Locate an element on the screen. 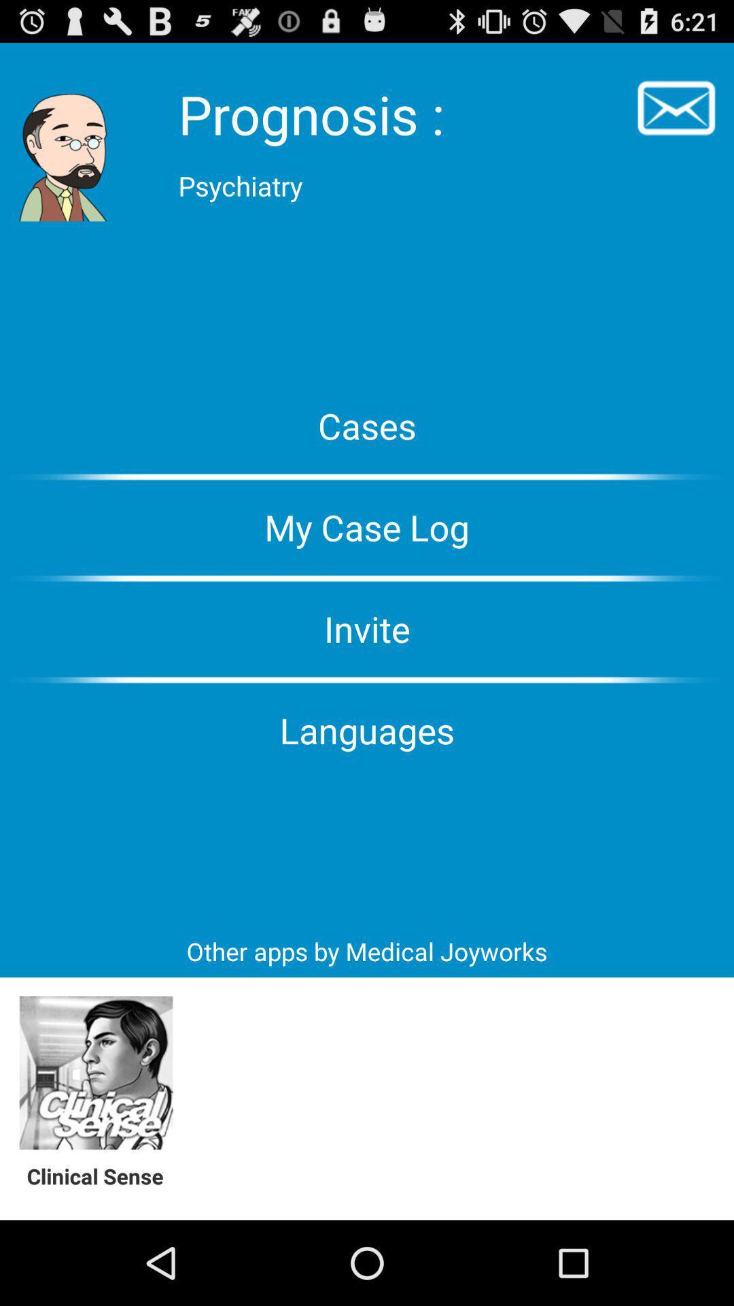 Image resolution: width=734 pixels, height=1306 pixels. item above other apps by item is located at coordinates (367, 729).